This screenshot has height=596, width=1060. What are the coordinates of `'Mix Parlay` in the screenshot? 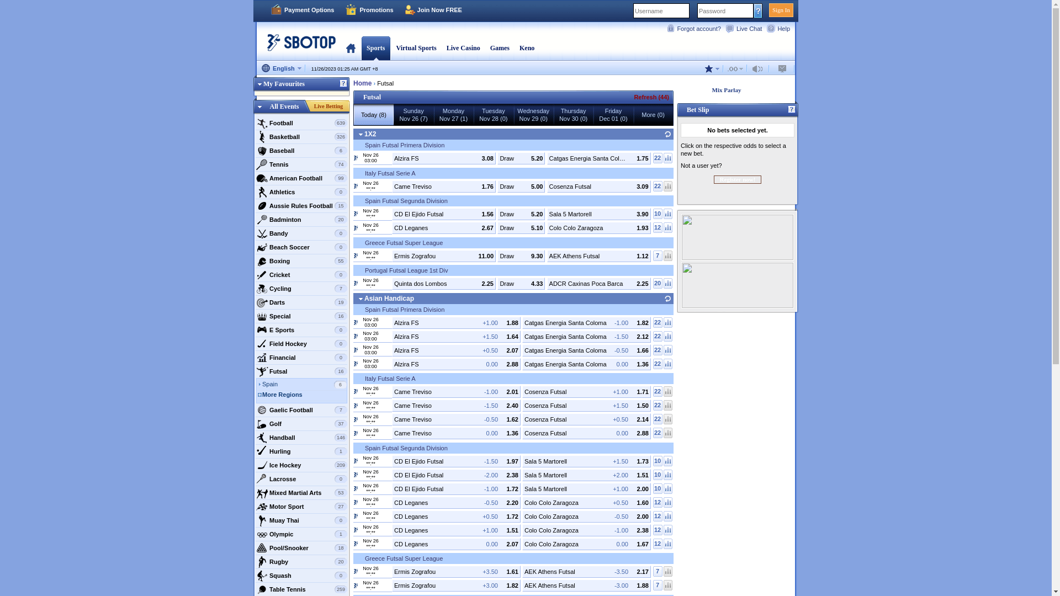 It's located at (734, 89).